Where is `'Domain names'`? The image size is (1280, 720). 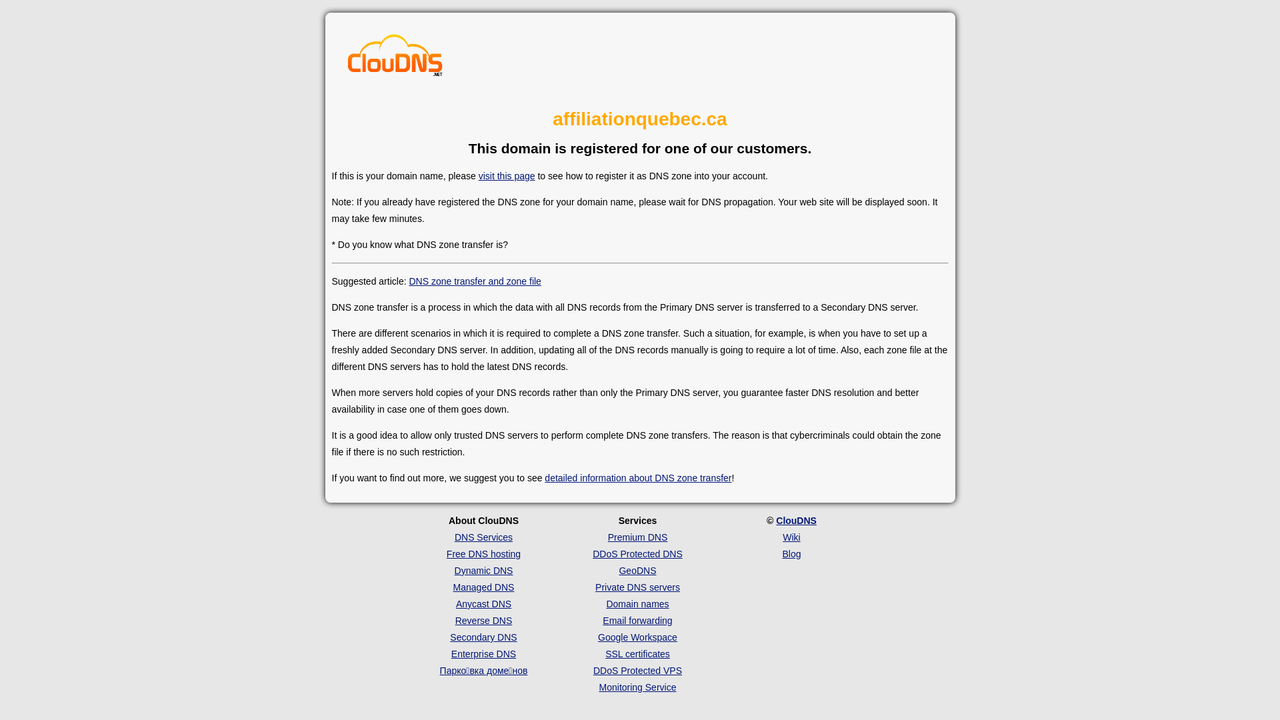
'Domain names' is located at coordinates (605, 604).